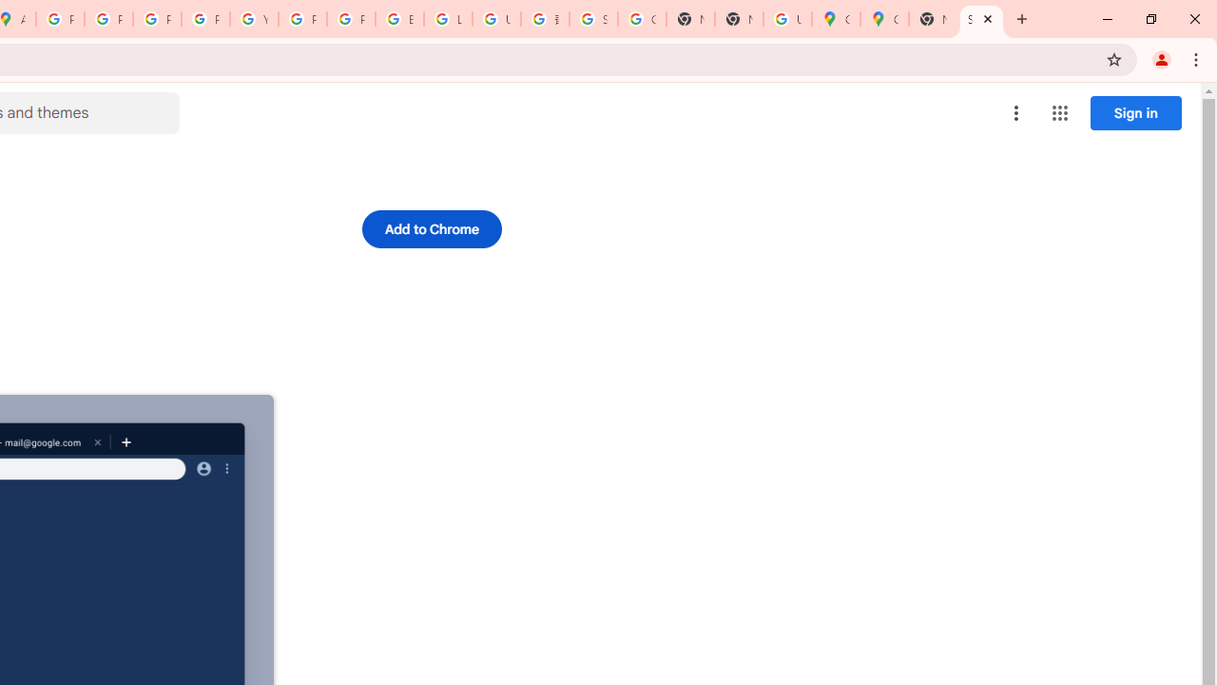  What do you see at coordinates (836, 19) in the screenshot?
I see `'Google Maps'` at bounding box center [836, 19].